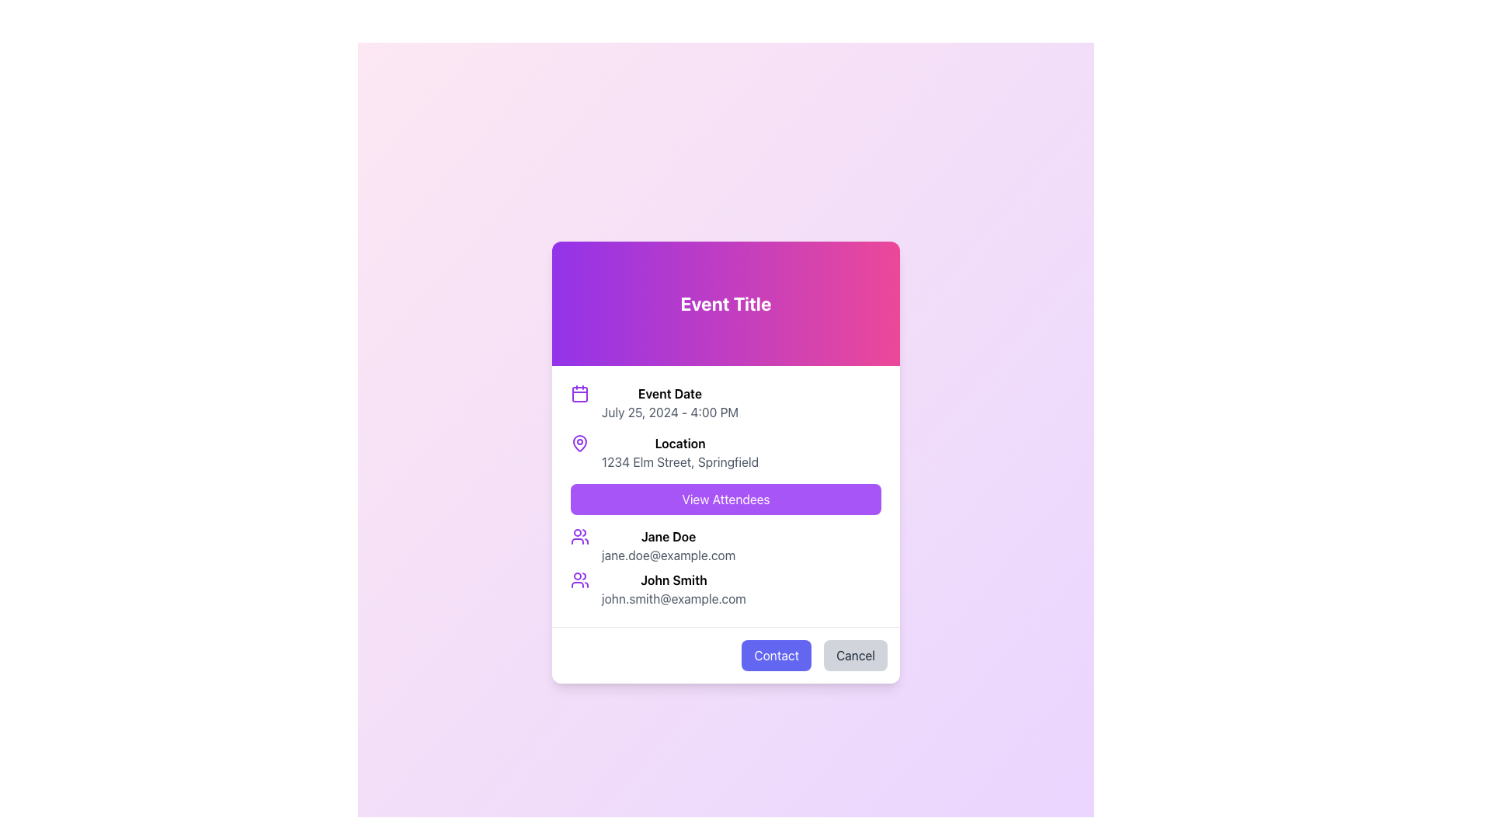 The image size is (1491, 839). What do you see at coordinates (579, 443) in the screenshot?
I see `the location icon, which is positioned directly to the left of the bold header text 'Location'` at bounding box center [579, 443].